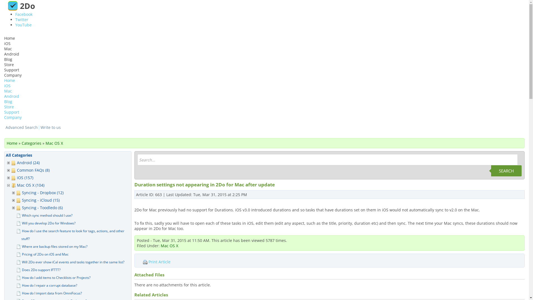 The width and height of the screenshot is (533, 300). What do you see at coordinates (16, 162) in the screenshot?
I see `'Android (24)'` at bounding box center [16, 162].